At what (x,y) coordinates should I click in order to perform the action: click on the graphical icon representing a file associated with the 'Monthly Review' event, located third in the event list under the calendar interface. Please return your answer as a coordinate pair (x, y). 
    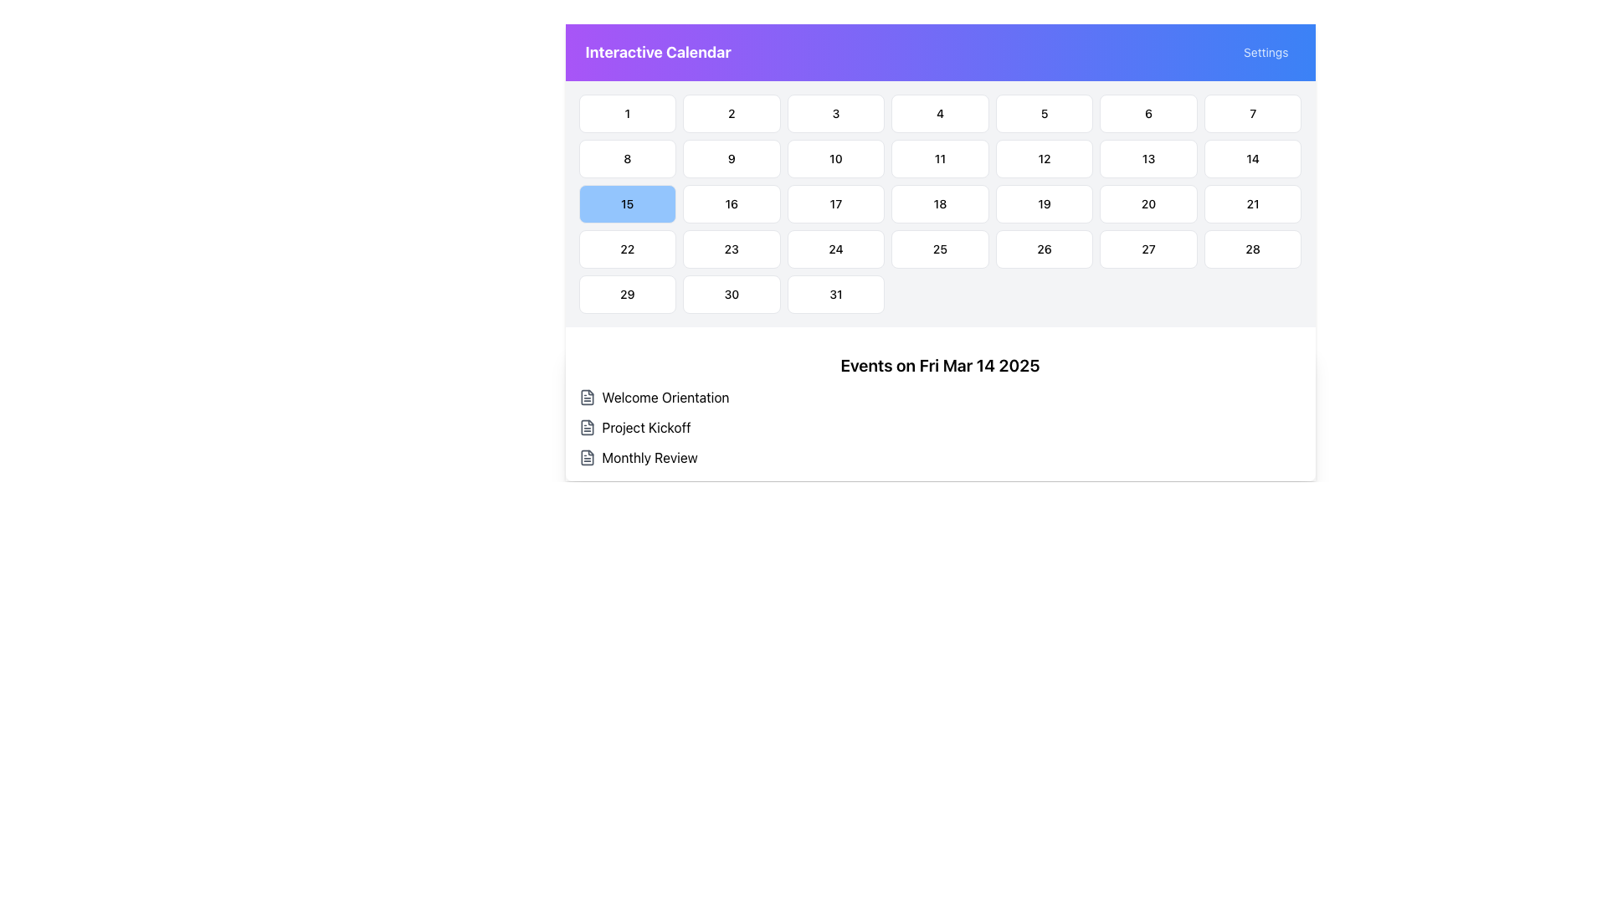
    Looking at the image, I should click on (587, 458).